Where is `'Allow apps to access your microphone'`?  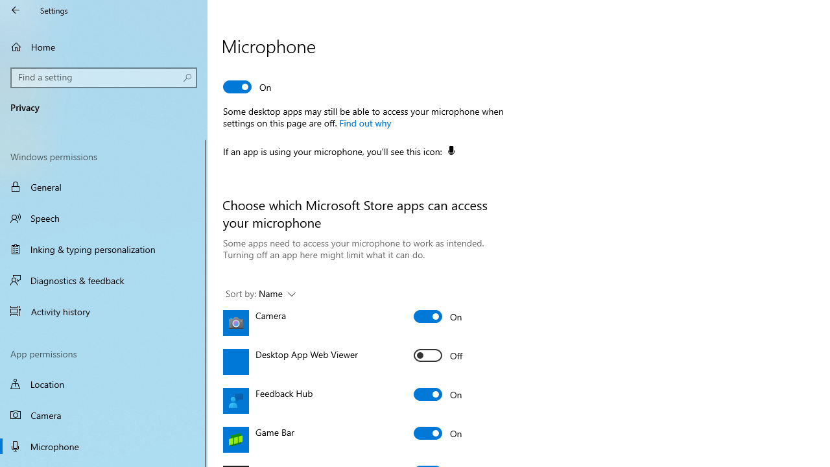
'Allow apps to access your microphone' is located at coordinates (248, 86).